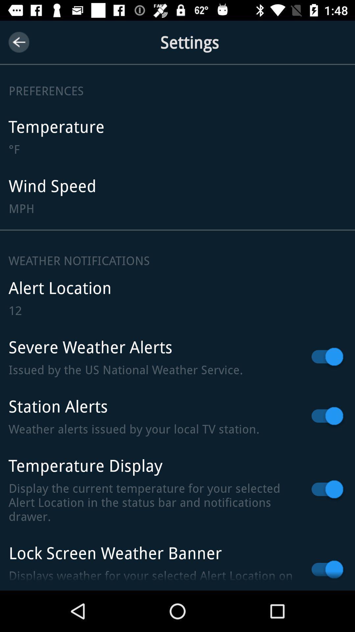 The height and width of the screenshot is (632, 355). What do you see at coordinates (18, 42) in the screenshot?
I see `the arrow_backward icon` at bounding box center [18, 42].